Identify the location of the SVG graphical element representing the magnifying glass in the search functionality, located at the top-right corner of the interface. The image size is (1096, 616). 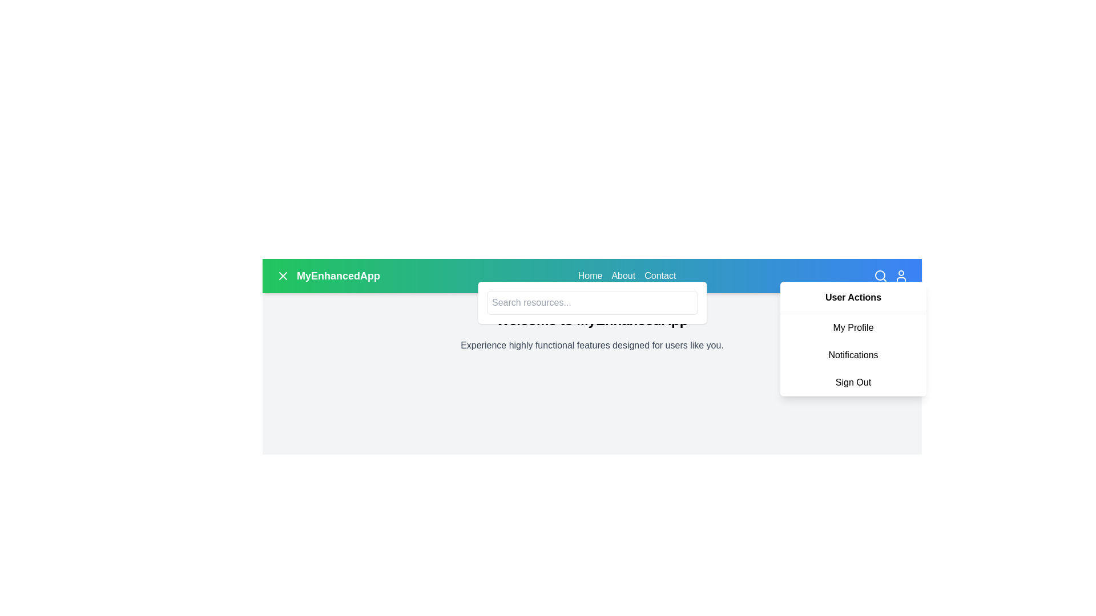
(879, 275).